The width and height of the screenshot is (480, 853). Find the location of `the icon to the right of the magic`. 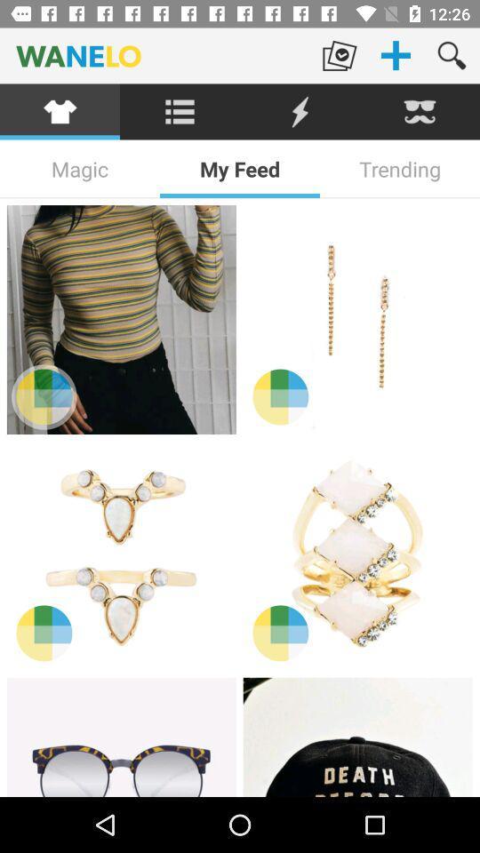

the icon to the right of the magic is located at coordinates (240, 169).